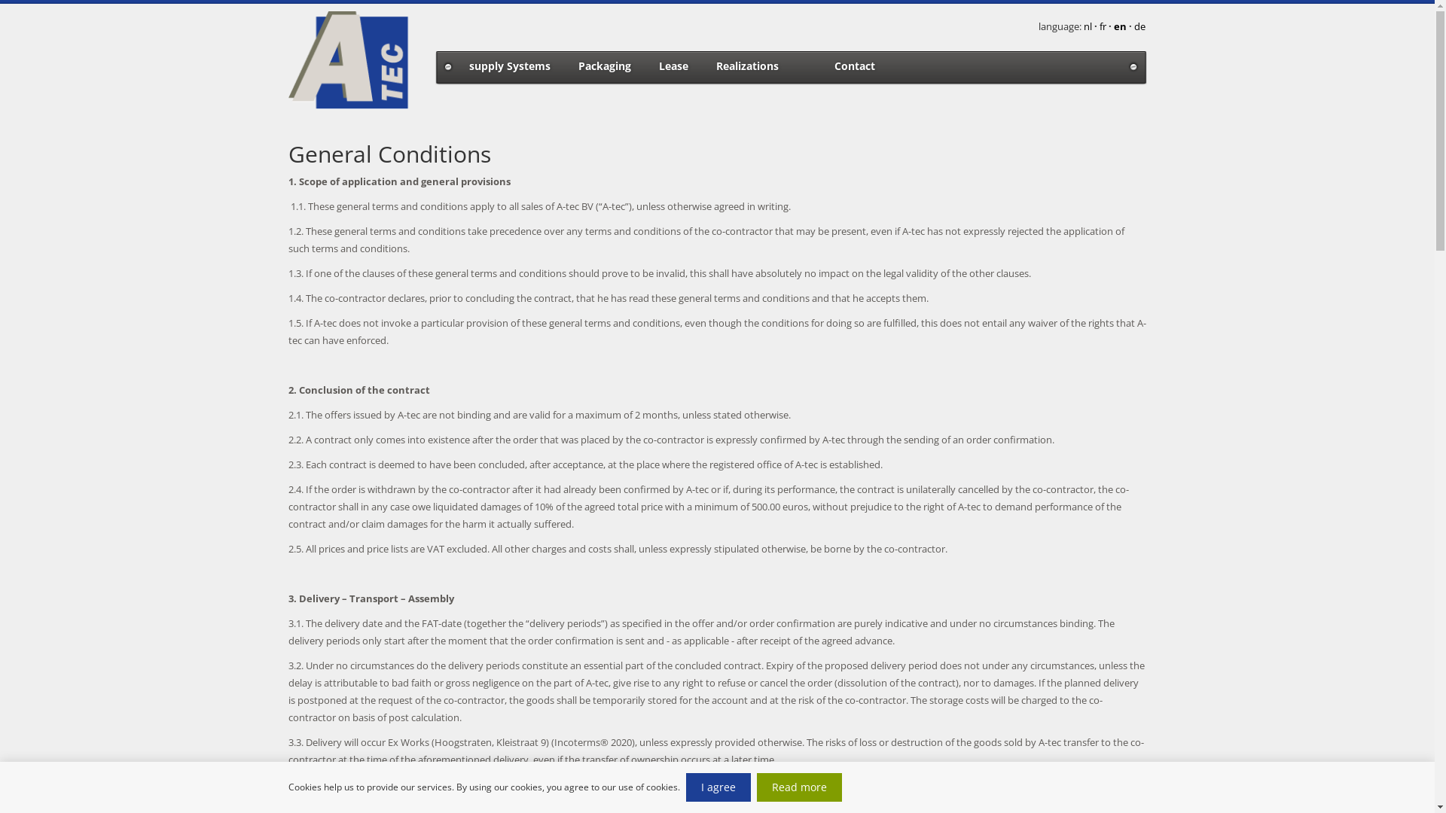 This screenshot has height=813, width=1446. I want to click on 'I agree', so click(717, 786).